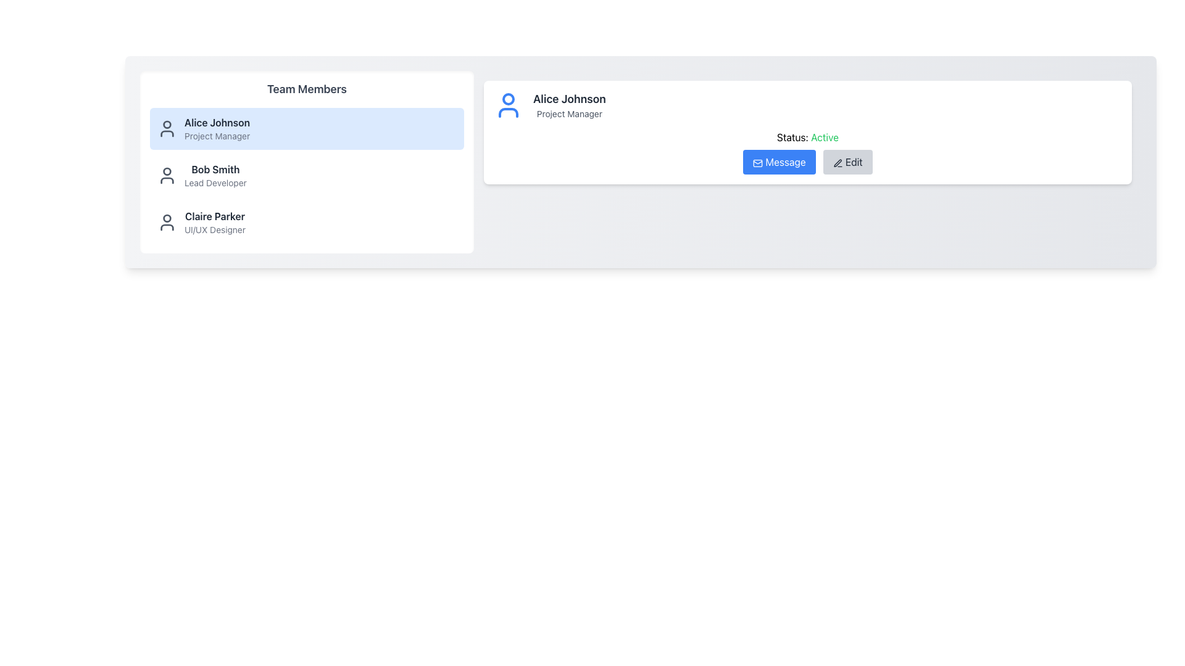 The width and height of the screenshot is (1185, 666). Describe the element at coordinates (217, 128) in the screenshot. I see `the text label representing the name and role of the first team member` at that location.